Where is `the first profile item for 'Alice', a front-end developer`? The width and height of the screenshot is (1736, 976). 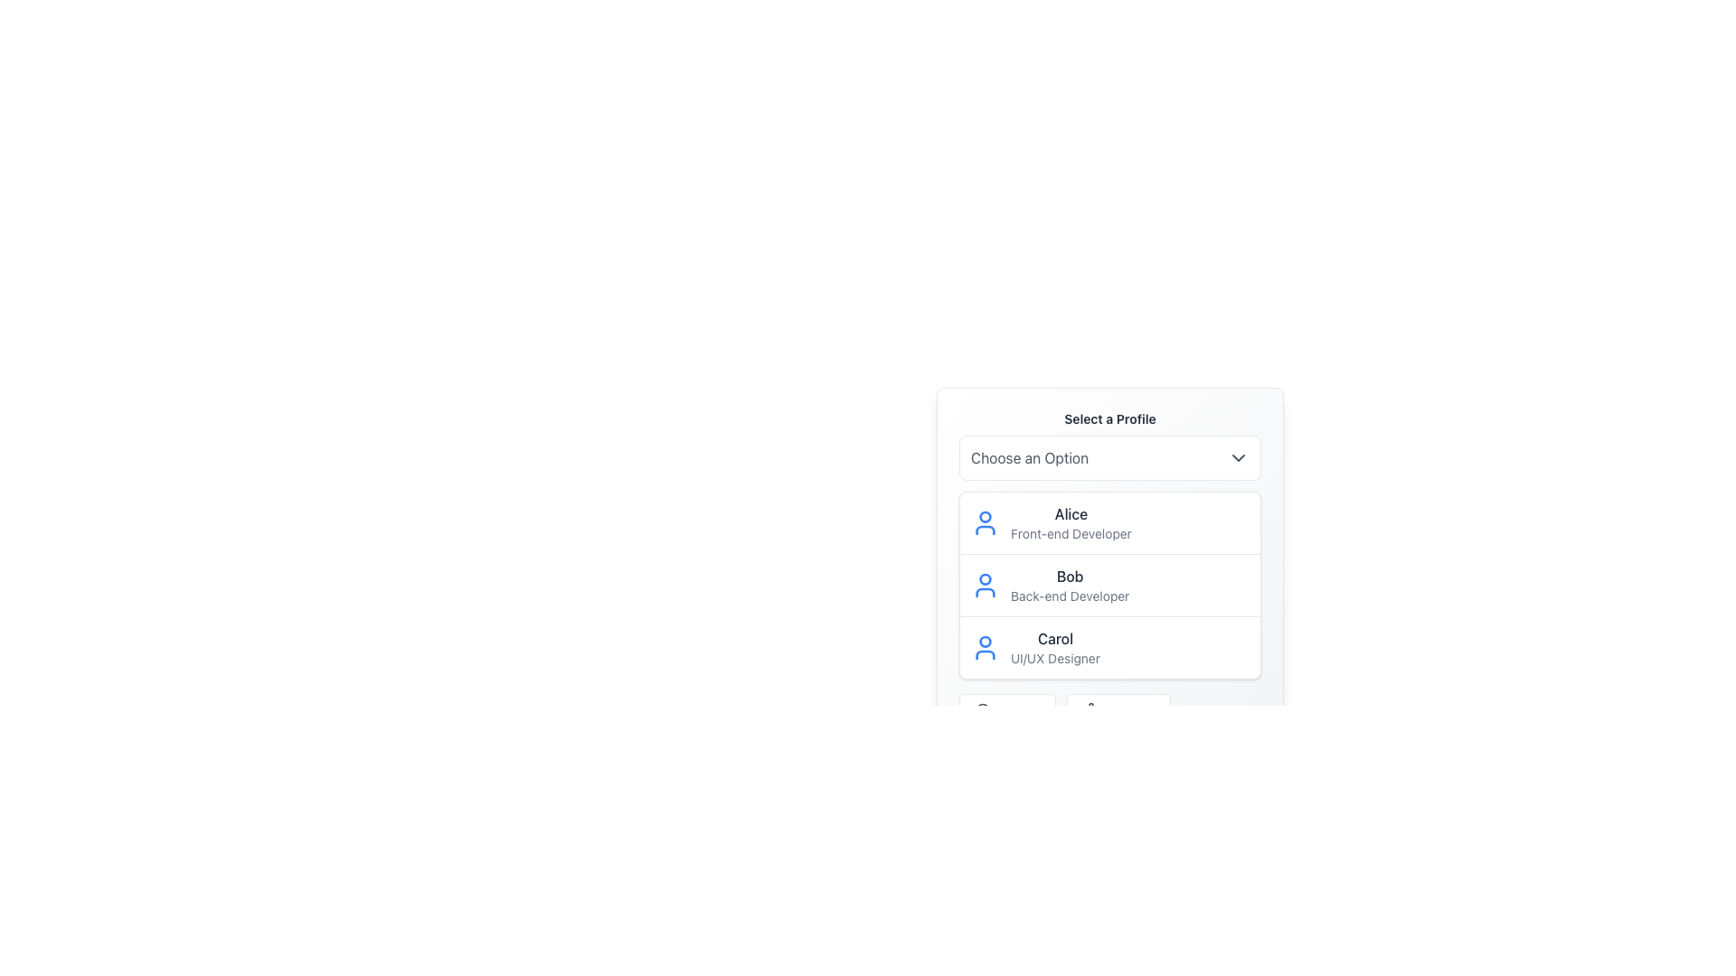 the first profile item for 'Alice', a front-end developer is located at coordinates (1051, 522).